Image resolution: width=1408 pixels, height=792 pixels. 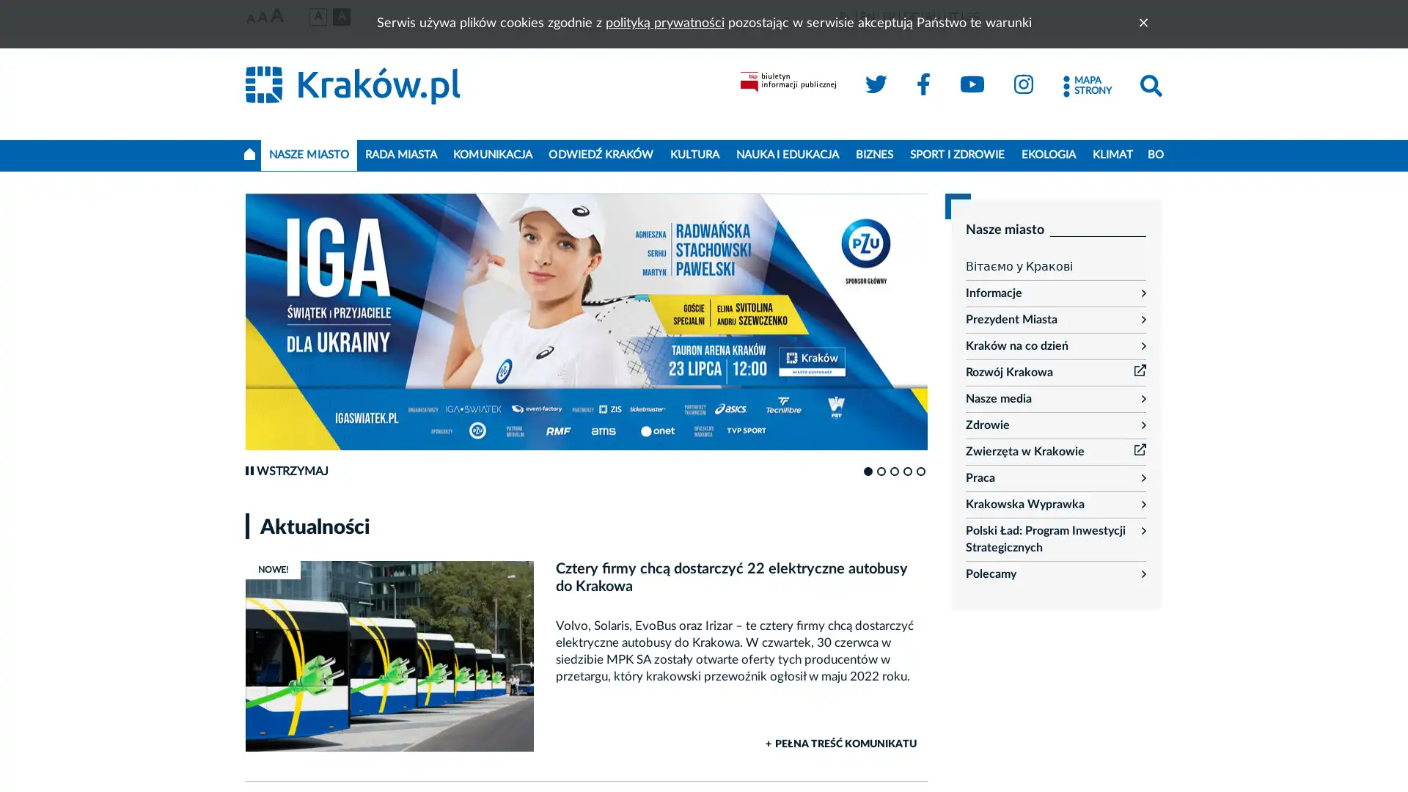 I want to click on Wersja podstawowa, so click(x=317, y=16).